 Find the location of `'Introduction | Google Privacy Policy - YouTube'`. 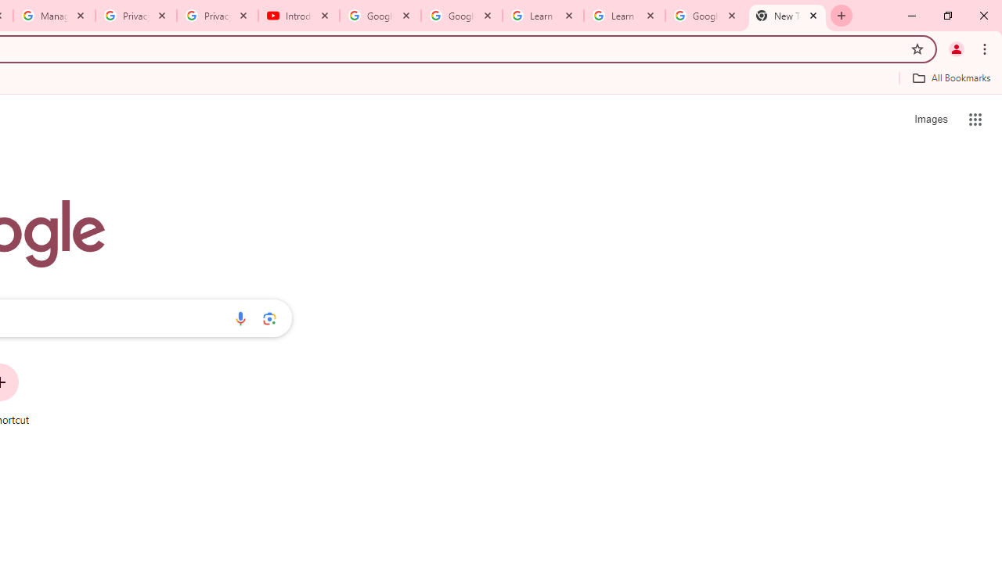

'Introduction | Google Privacy Policy - YouTube' is located at coordinates (299, 16).